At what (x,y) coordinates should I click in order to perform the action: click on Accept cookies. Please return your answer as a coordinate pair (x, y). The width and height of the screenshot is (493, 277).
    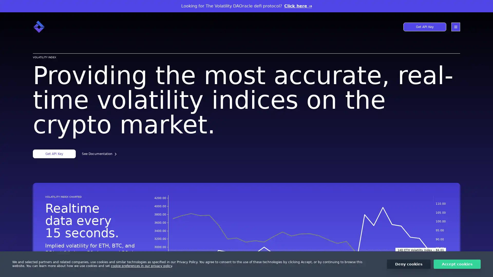
    Looking at the image, I should click on (457, 264).